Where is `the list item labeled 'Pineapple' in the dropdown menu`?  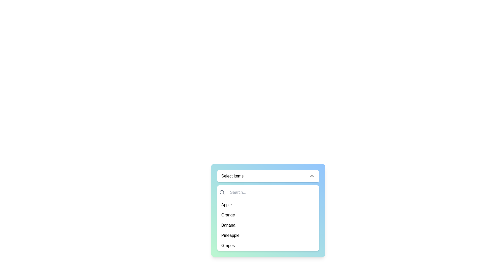 the list item labeled 'Pineapple' in the dropdown menu is located at coordinates (268, 236).